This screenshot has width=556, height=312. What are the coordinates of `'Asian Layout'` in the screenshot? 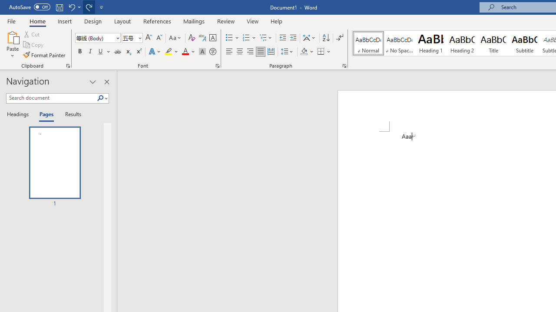 It's located at (309, 37).